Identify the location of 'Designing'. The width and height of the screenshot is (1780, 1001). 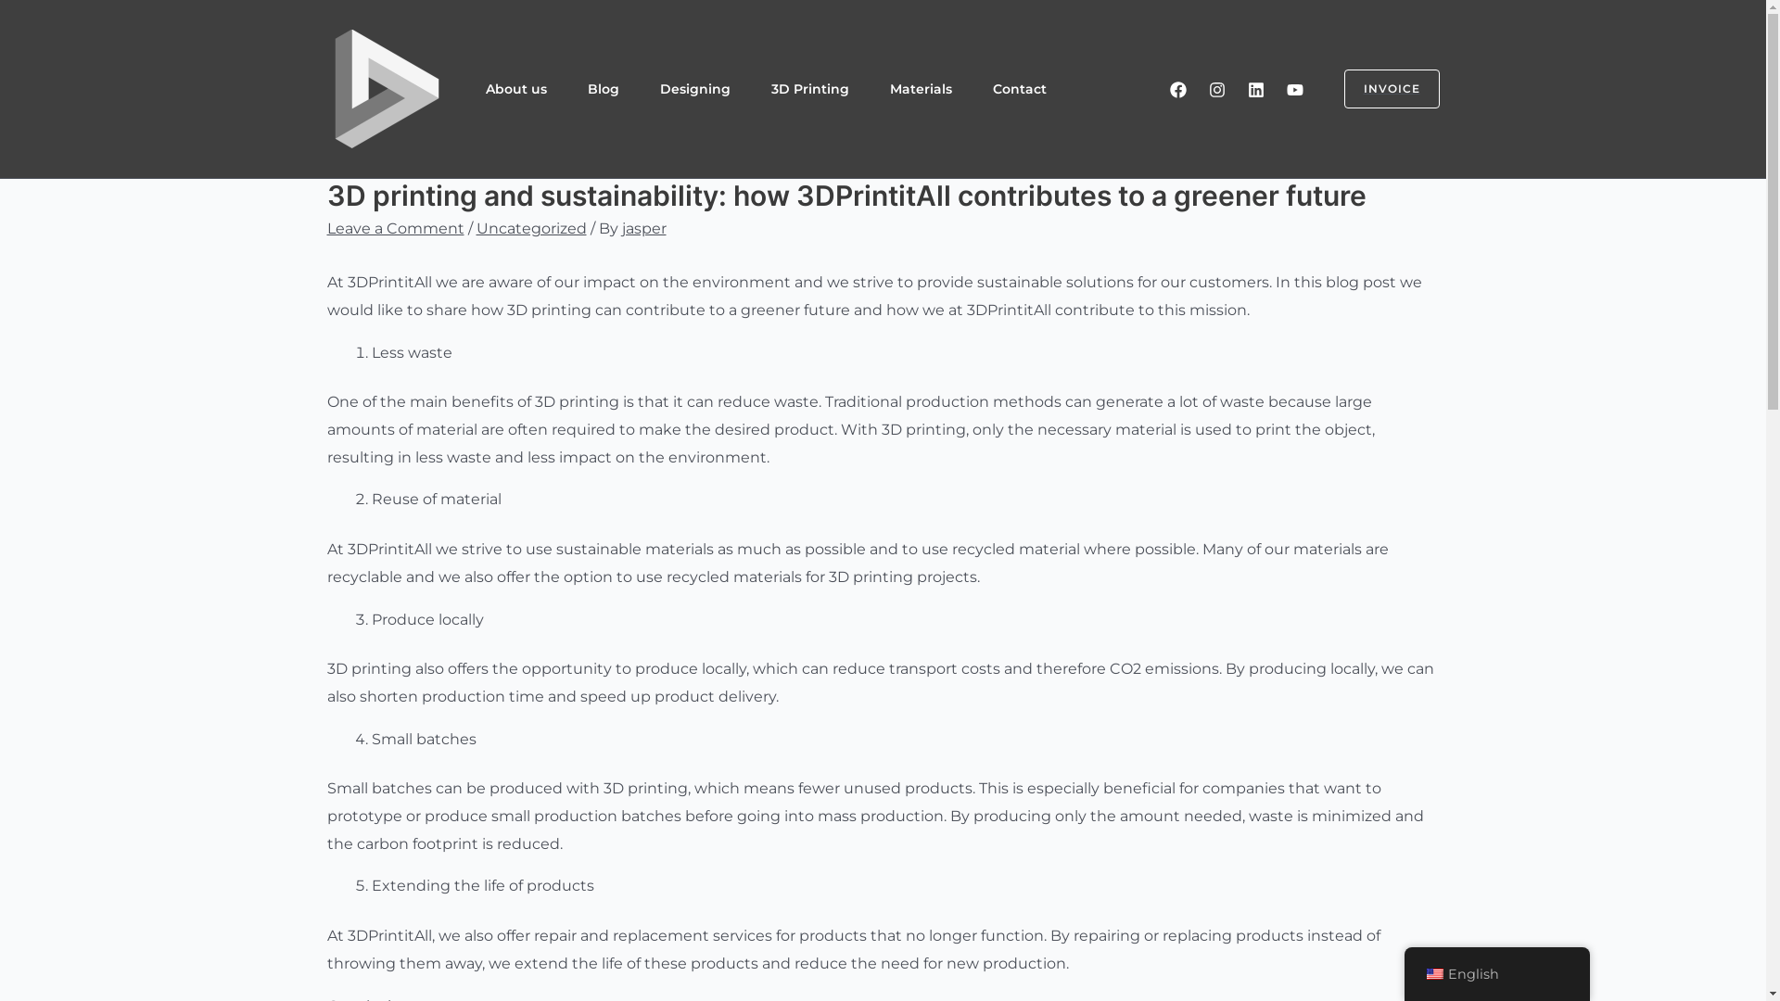
(693, 89).